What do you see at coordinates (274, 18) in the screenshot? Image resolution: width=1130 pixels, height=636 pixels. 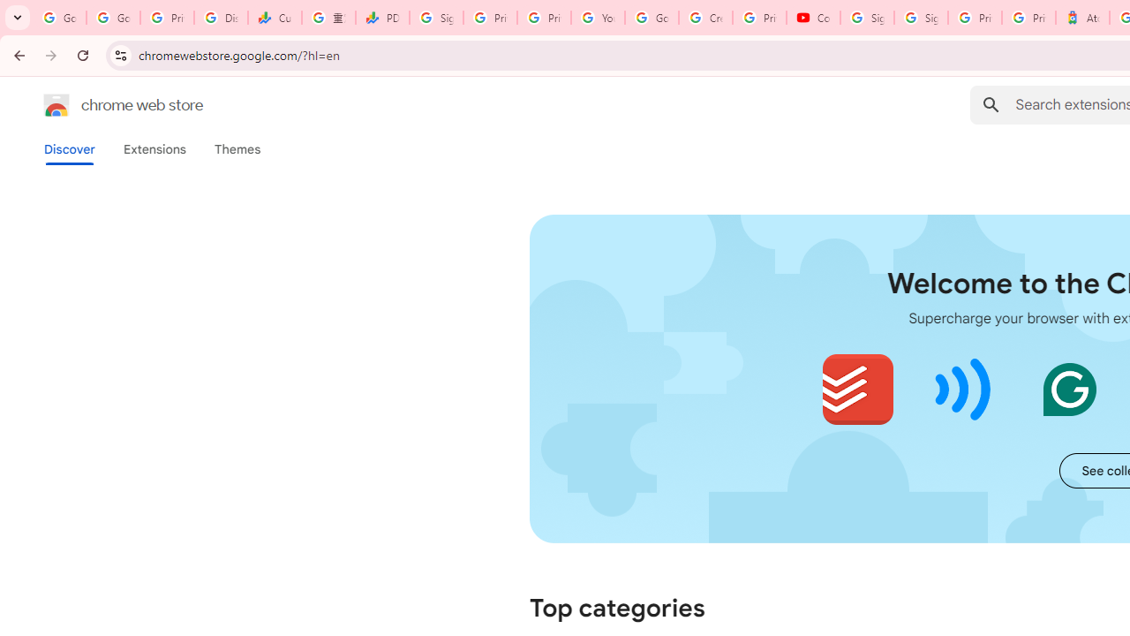 I see `'Currencies - Google Finance'` at bounding box center [274, 18].